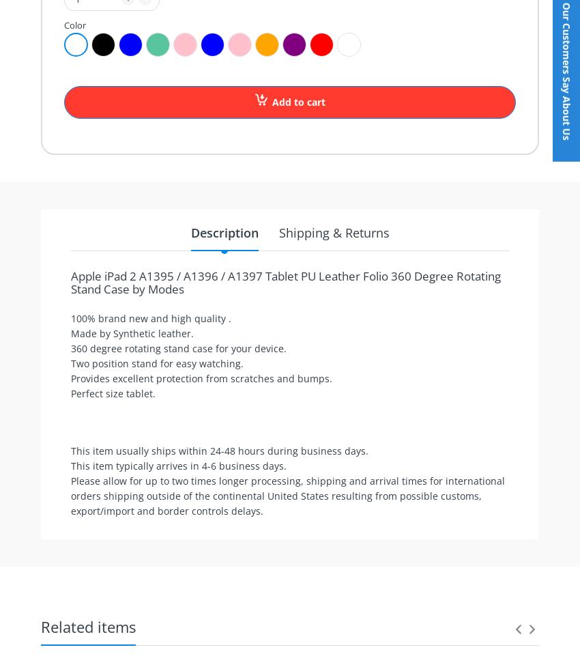  What do you see at coordinates (88, 625) in the screenshot?
I see `'Related items'` at bounding box center [88, 625].